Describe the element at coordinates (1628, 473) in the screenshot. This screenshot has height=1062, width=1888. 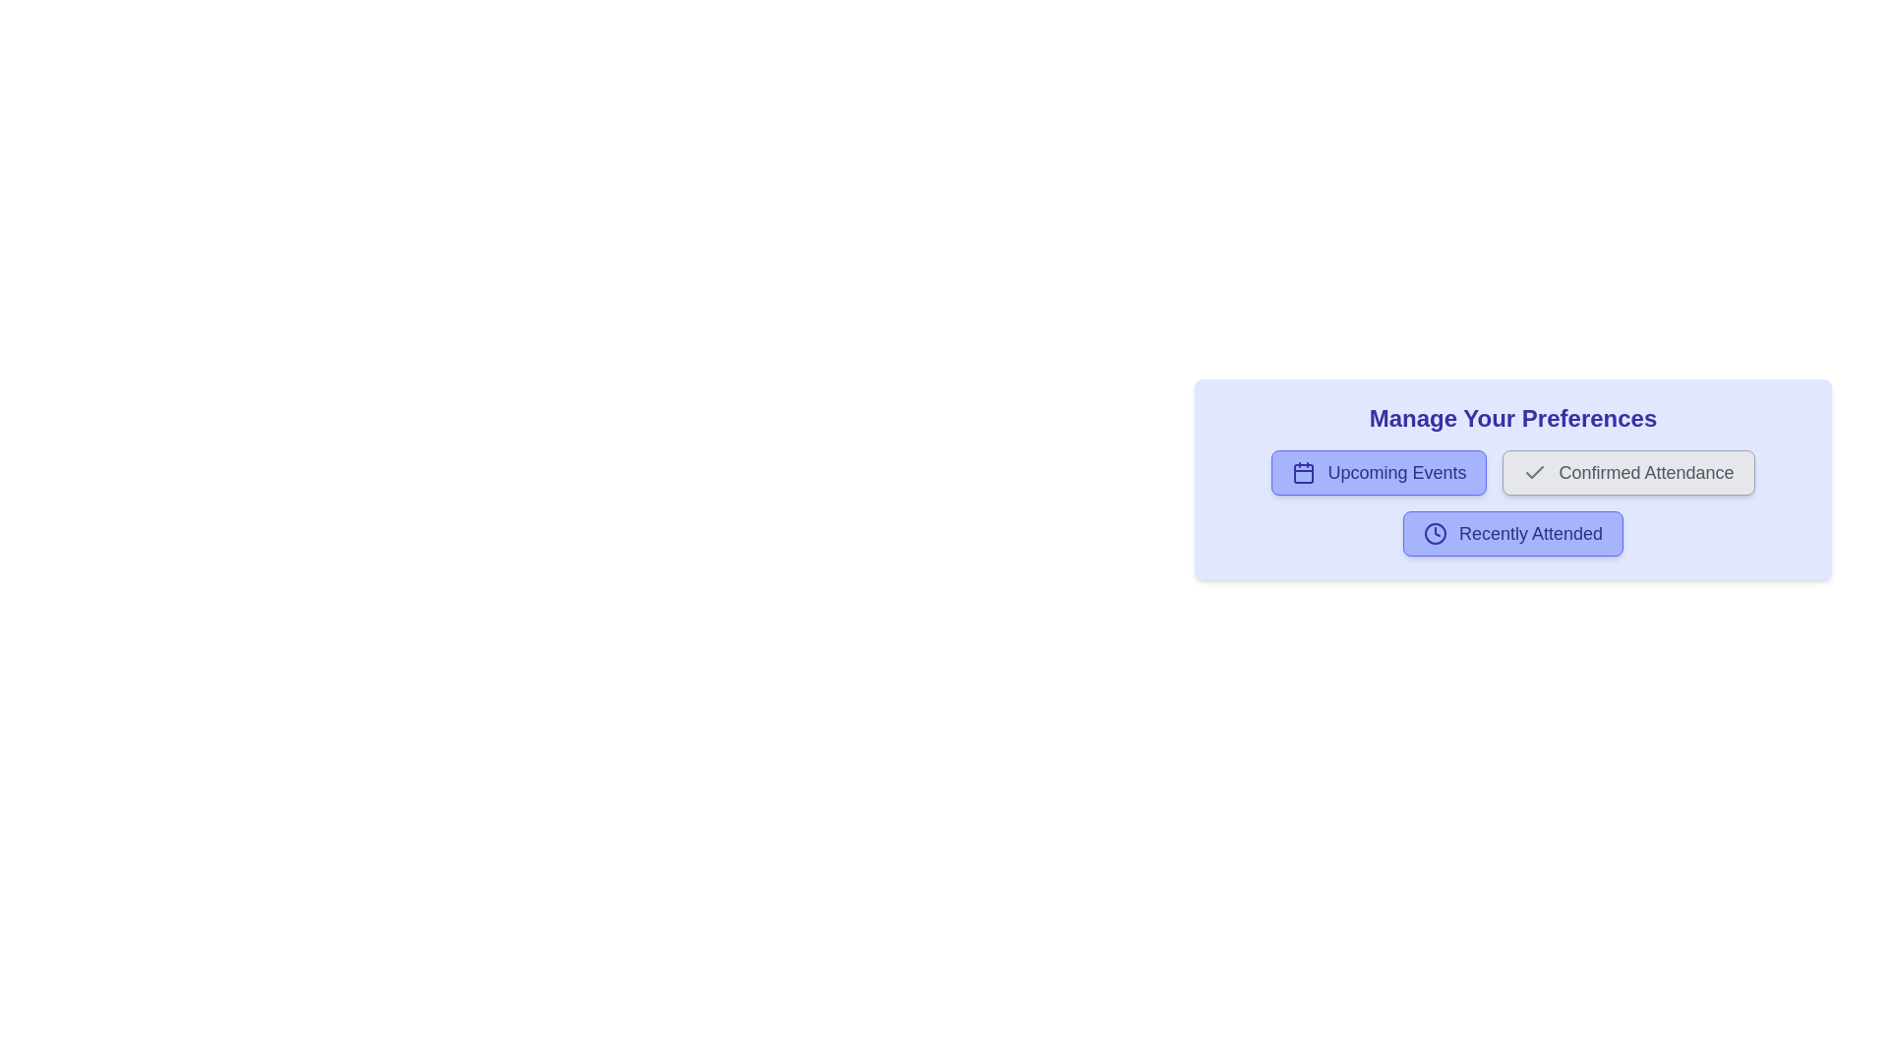
I see `the preference button for Confirmed Attendance` at that location.